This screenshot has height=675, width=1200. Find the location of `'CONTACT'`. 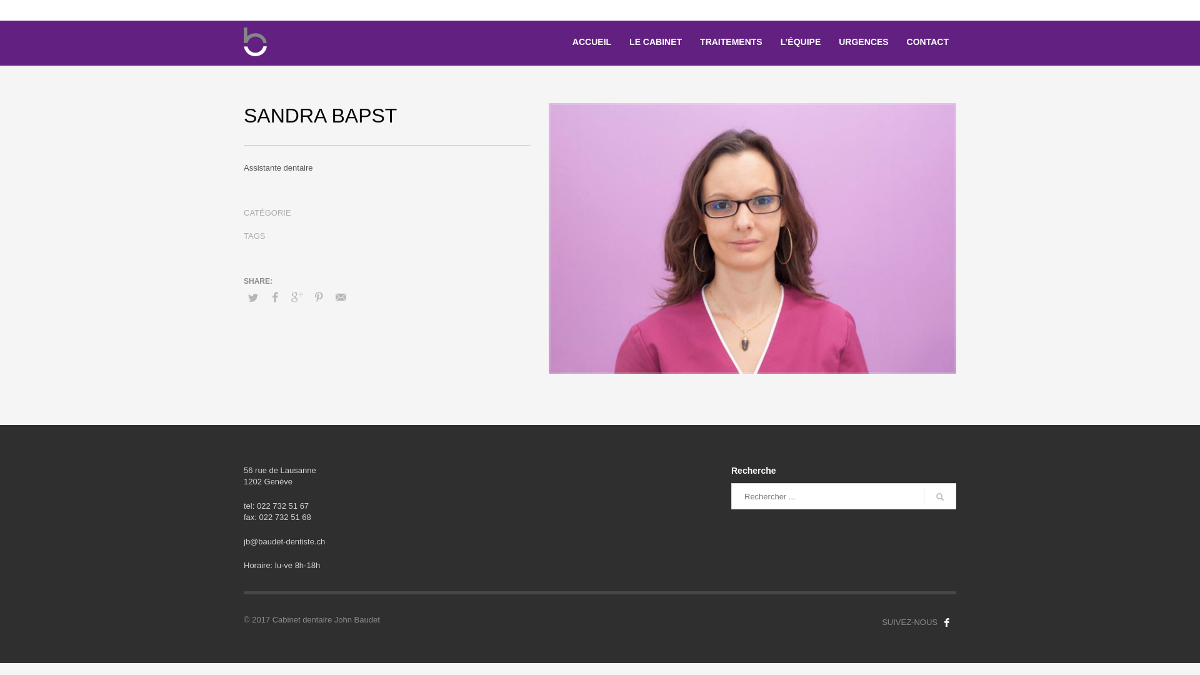

'CONTACT' is located at coordinates (899, 41).